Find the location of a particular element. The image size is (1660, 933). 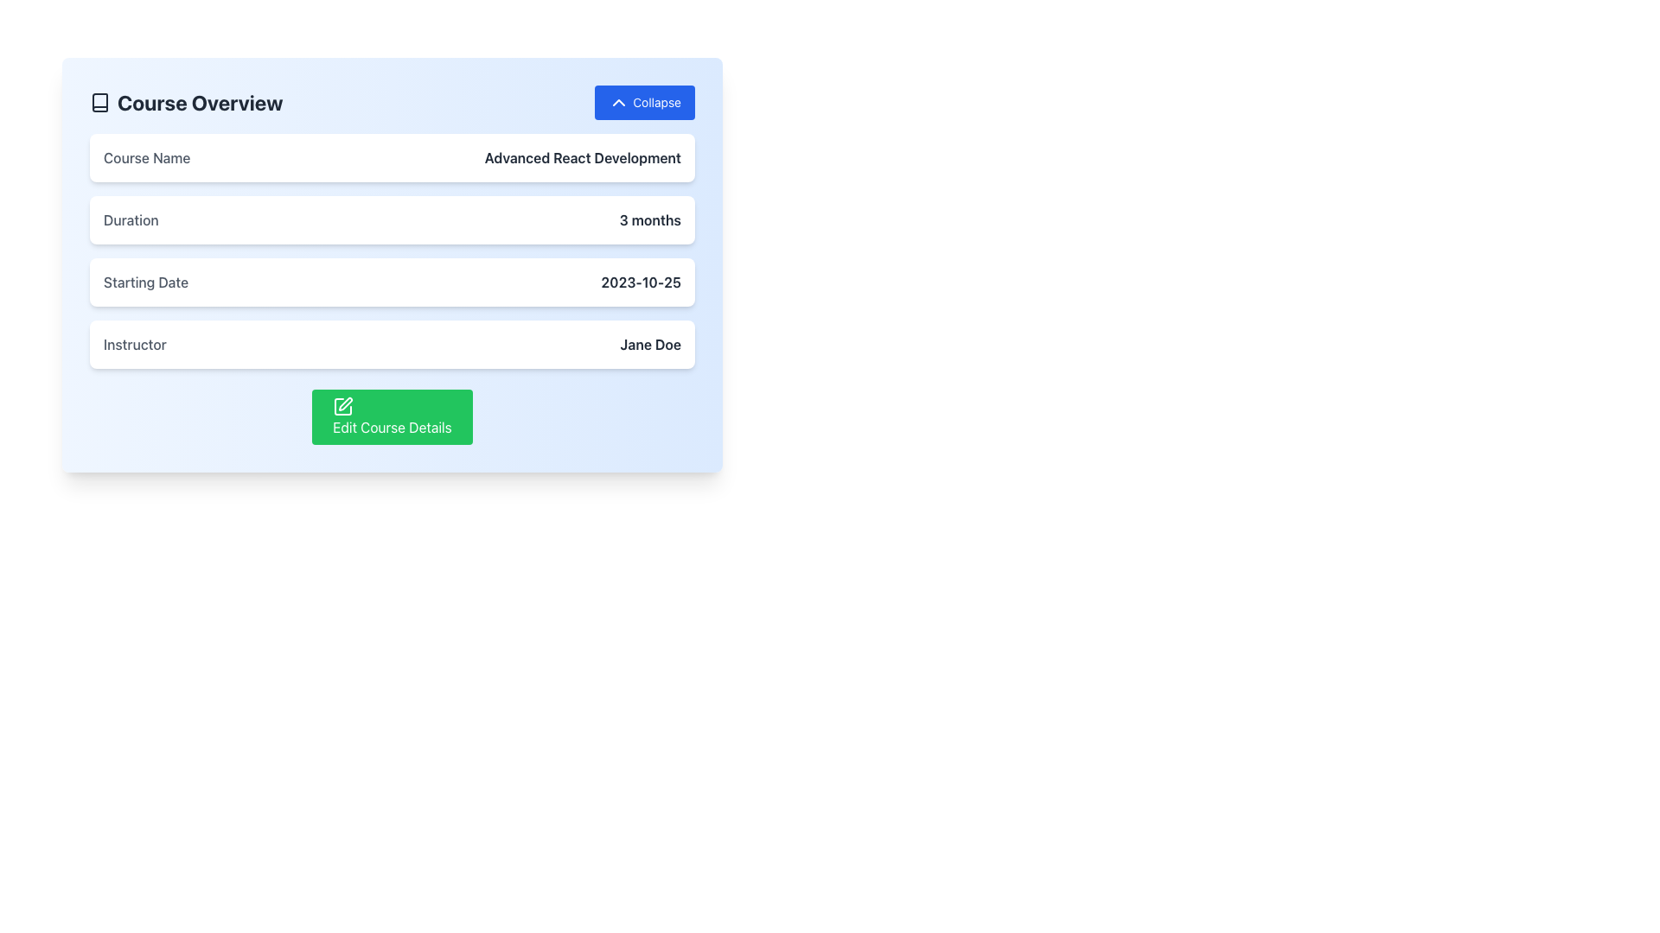

the text element displaying the name 'Jane Doe', which is bold and dark gray, located to the right of the label 'Instructor' is located at coordinates (649, 344).